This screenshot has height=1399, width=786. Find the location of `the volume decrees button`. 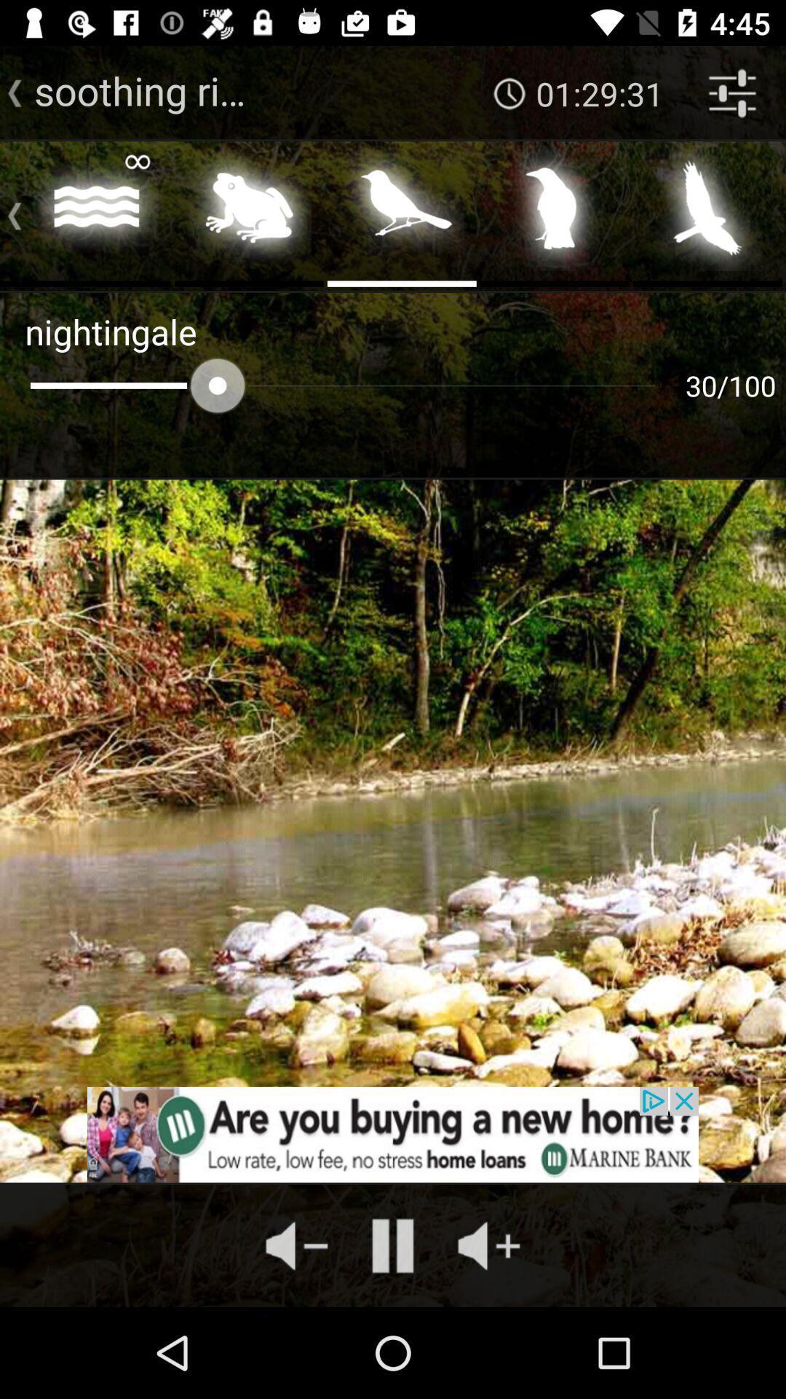

the volume decrees button is located at coordinates (296, 1245).